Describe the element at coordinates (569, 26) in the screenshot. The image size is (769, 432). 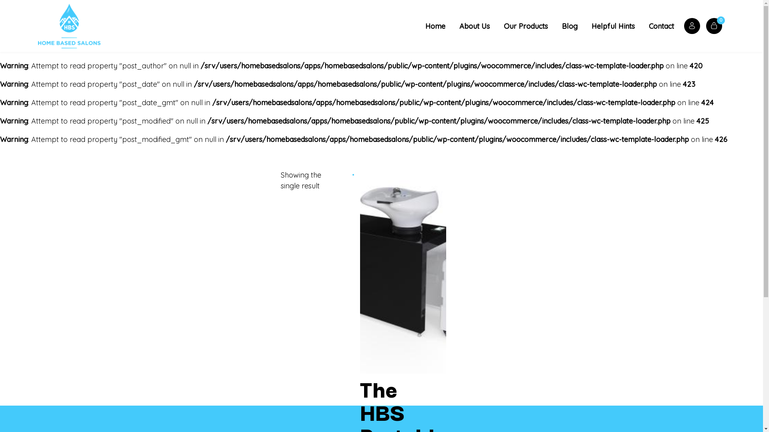
I see `'Blog'` at that location.